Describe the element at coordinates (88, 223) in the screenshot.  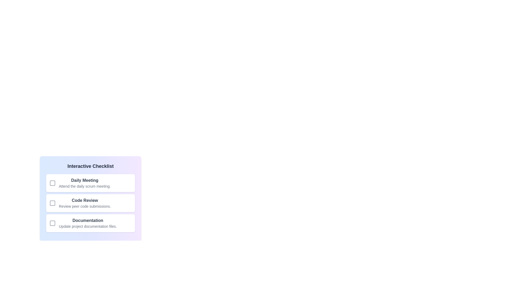
I see `the text block containing the bold title 'Documentation' and the subtext 'Update project documentation files', which is the third item in a vertical checklist UI` at that location.